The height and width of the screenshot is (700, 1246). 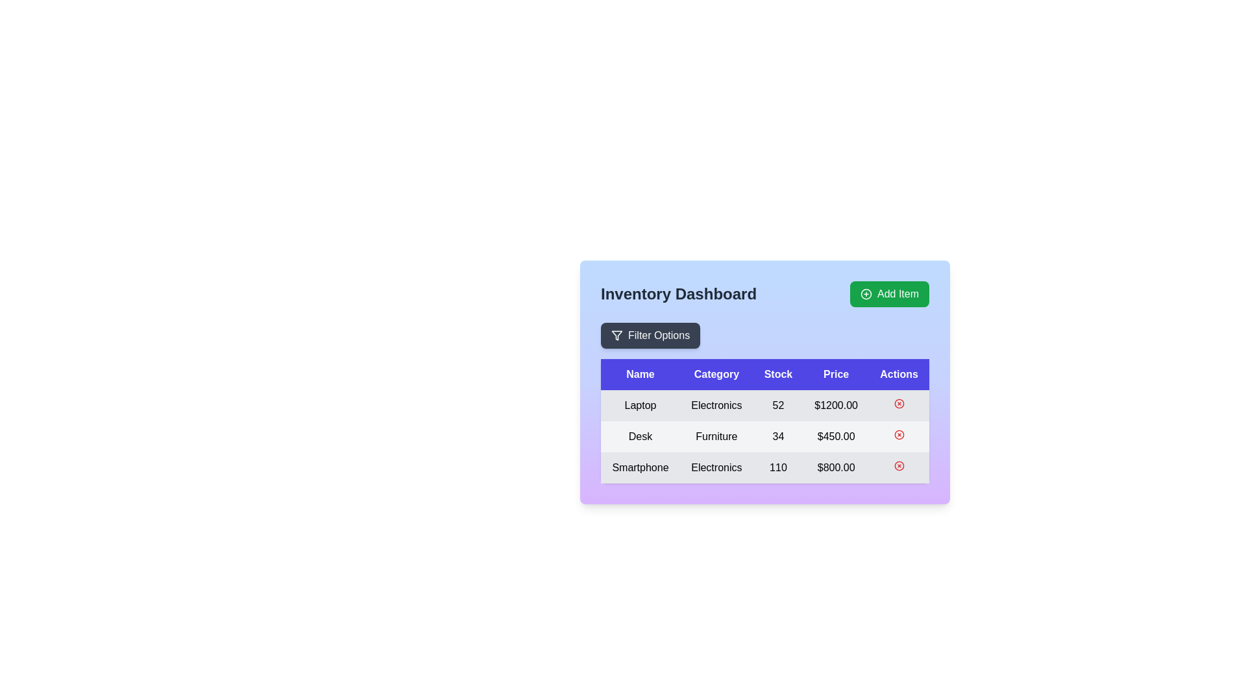 I want to click on the text label displaying 'Smartphone' located in the third row of the table under the 'Name' column with a light gray background, so click(x=641, y=467).